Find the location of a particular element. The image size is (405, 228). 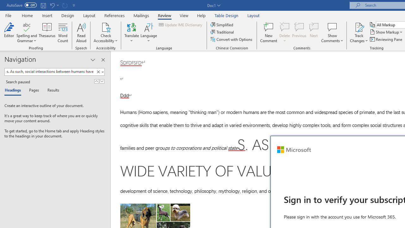

'Update IME Dictionary...' is located at coordinates (181, 24).